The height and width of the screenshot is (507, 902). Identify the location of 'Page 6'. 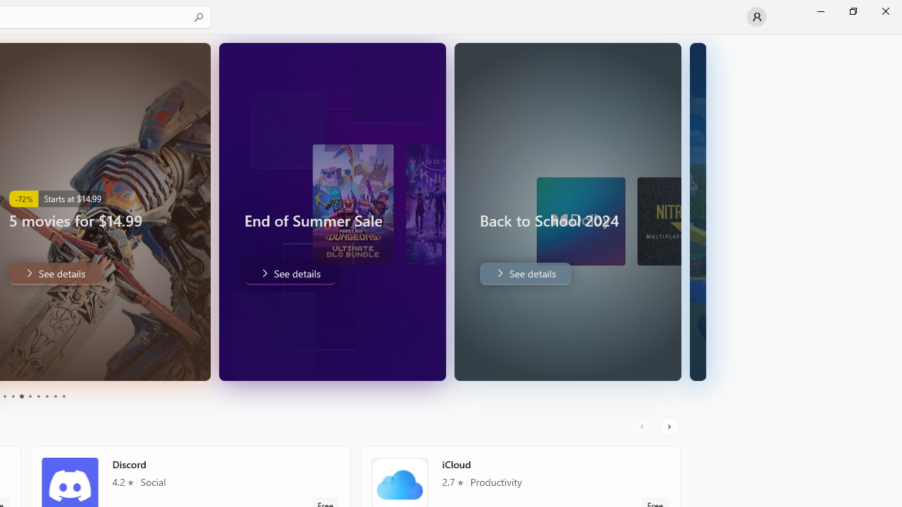
(30, 396).